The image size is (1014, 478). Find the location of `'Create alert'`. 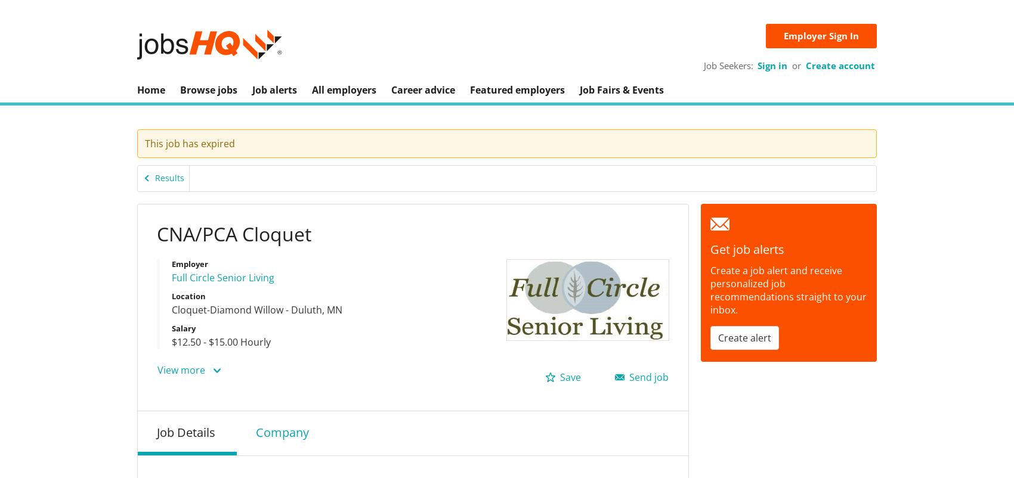

'Create alert' is located at coordinates (744, 337).